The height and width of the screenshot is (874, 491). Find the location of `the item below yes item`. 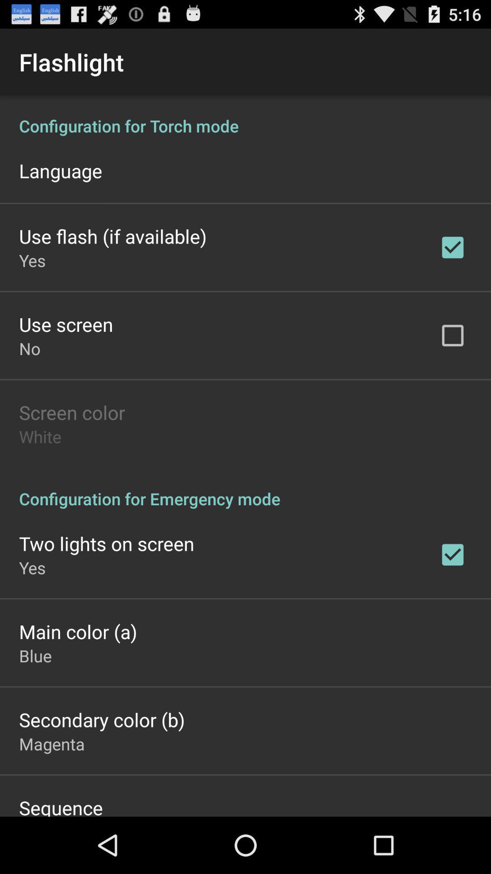

the item below yes item is located at coordinates (65, 324).